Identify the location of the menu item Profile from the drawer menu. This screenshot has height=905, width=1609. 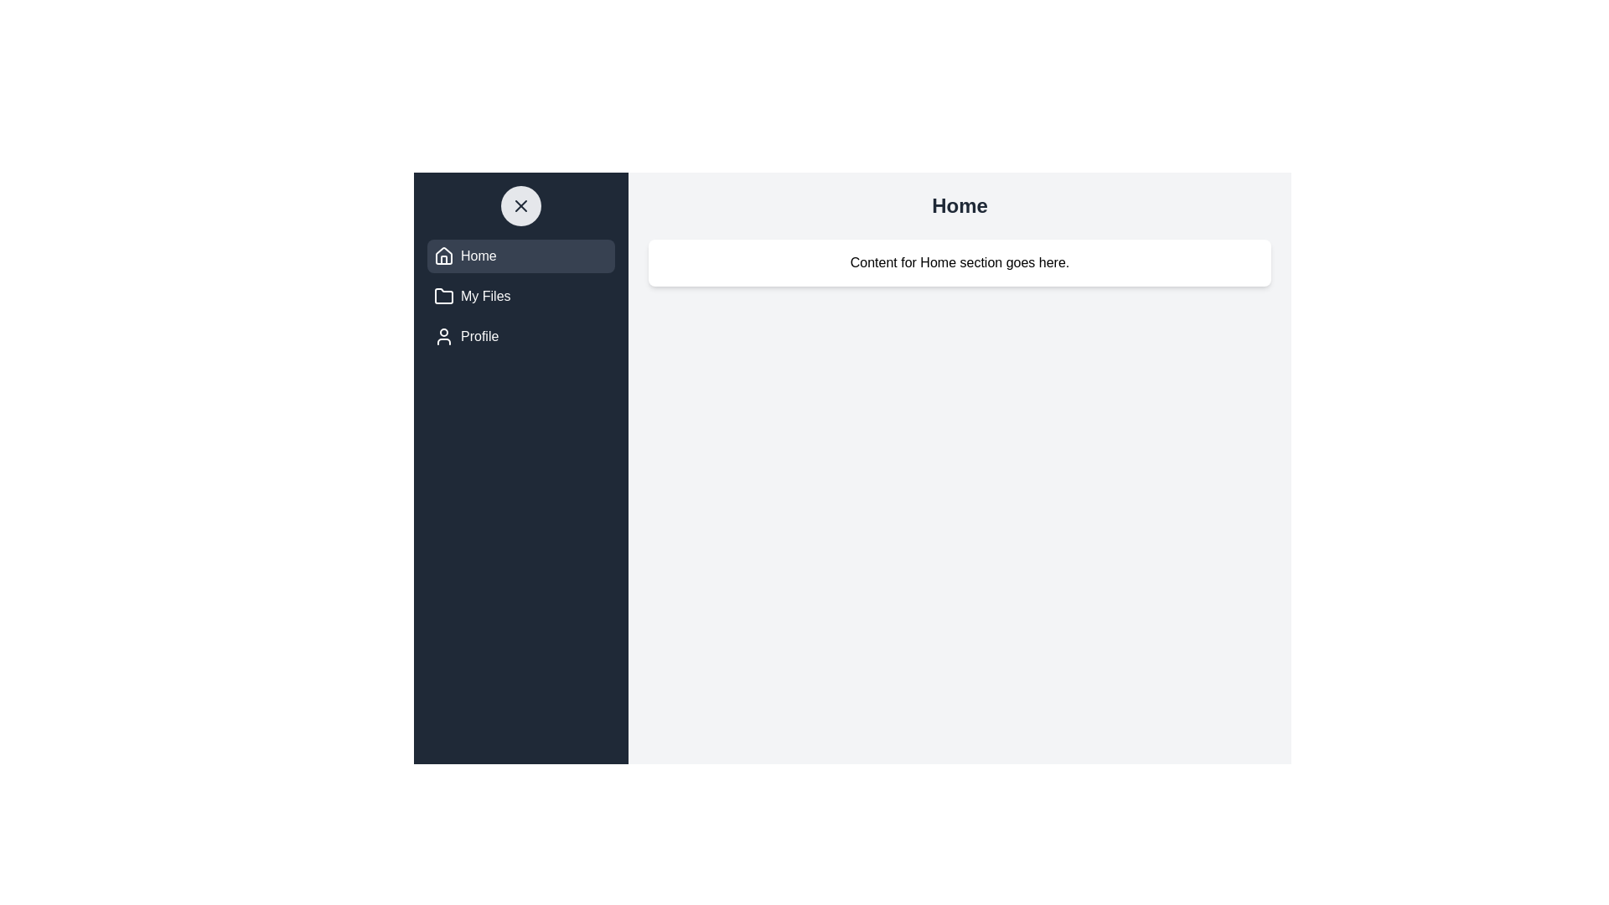
(520, 336).